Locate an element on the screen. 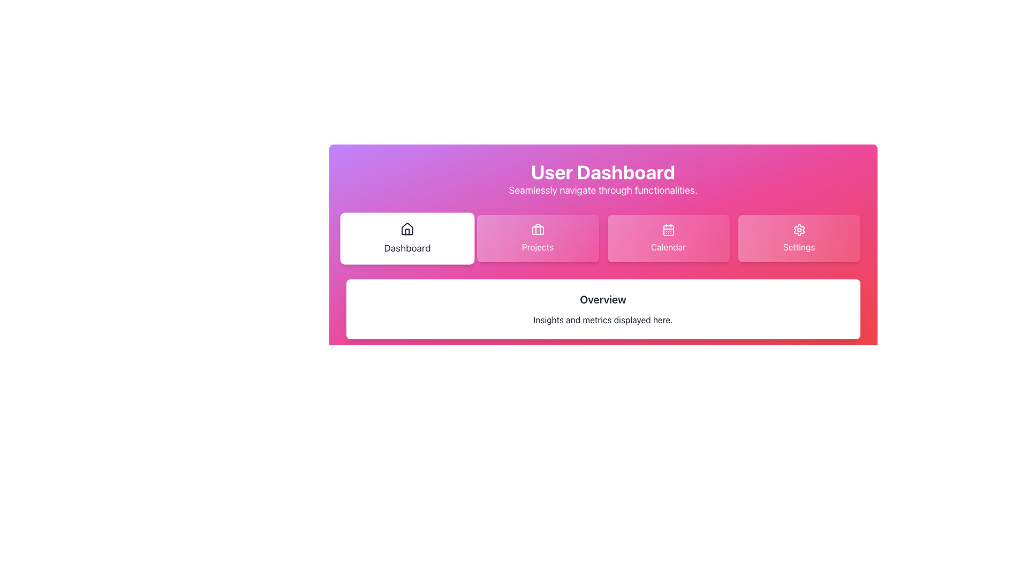 The height and width of the screenshot is (578, 1028). text label located at the bottom of the 'Dashboard' card, which describes the purpose of the card and is positioned below a black house icon is located at coordinates (406, 248).